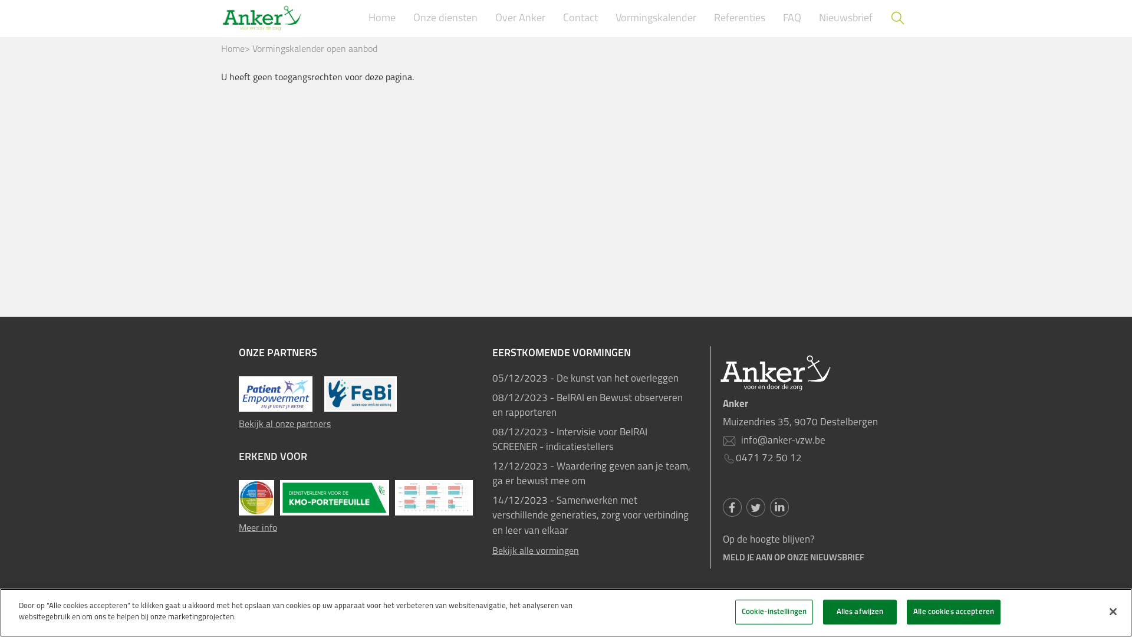 The height and width of the screenshot is (637, 1132). I want to click on '05/12/2023 - De kunst van het overleggen', so click(592, 379).